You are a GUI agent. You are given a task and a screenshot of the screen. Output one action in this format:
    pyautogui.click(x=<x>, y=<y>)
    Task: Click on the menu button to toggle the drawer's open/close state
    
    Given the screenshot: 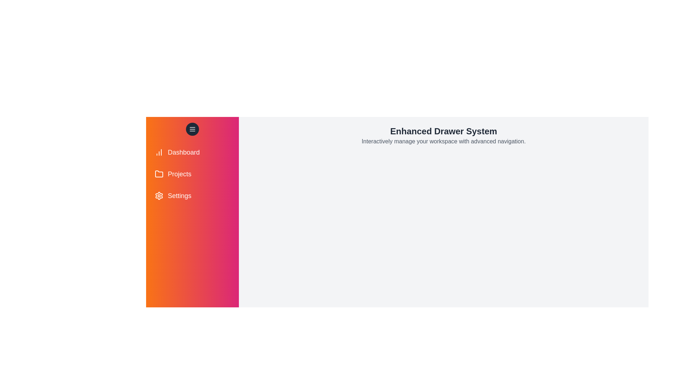 What is the action you would take?
    pyautogui.click(x=192, y=129)
    